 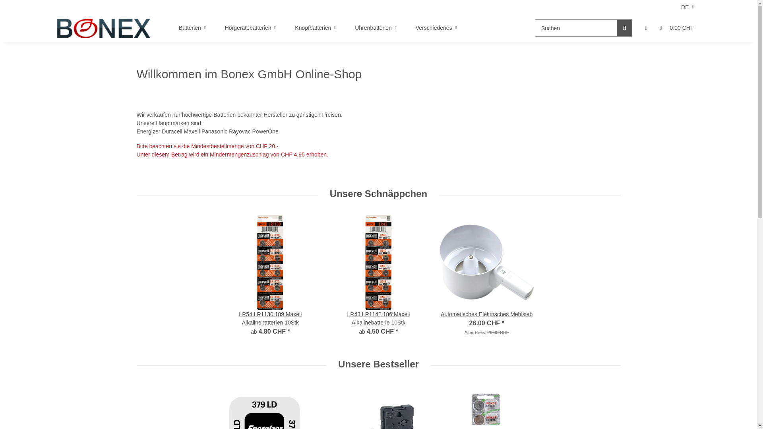 What do you see at coordinates (315, 27) in the screenshot?
I see `'Knopfbatterien'` at bounding box center [315, 27].